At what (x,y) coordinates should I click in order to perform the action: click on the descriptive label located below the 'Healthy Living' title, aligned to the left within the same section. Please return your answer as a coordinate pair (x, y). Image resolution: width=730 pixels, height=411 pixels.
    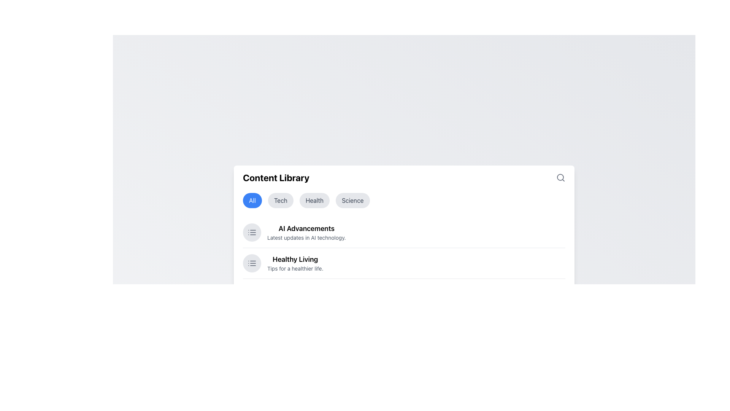
    Looking at the image, I should click on (295, 268).